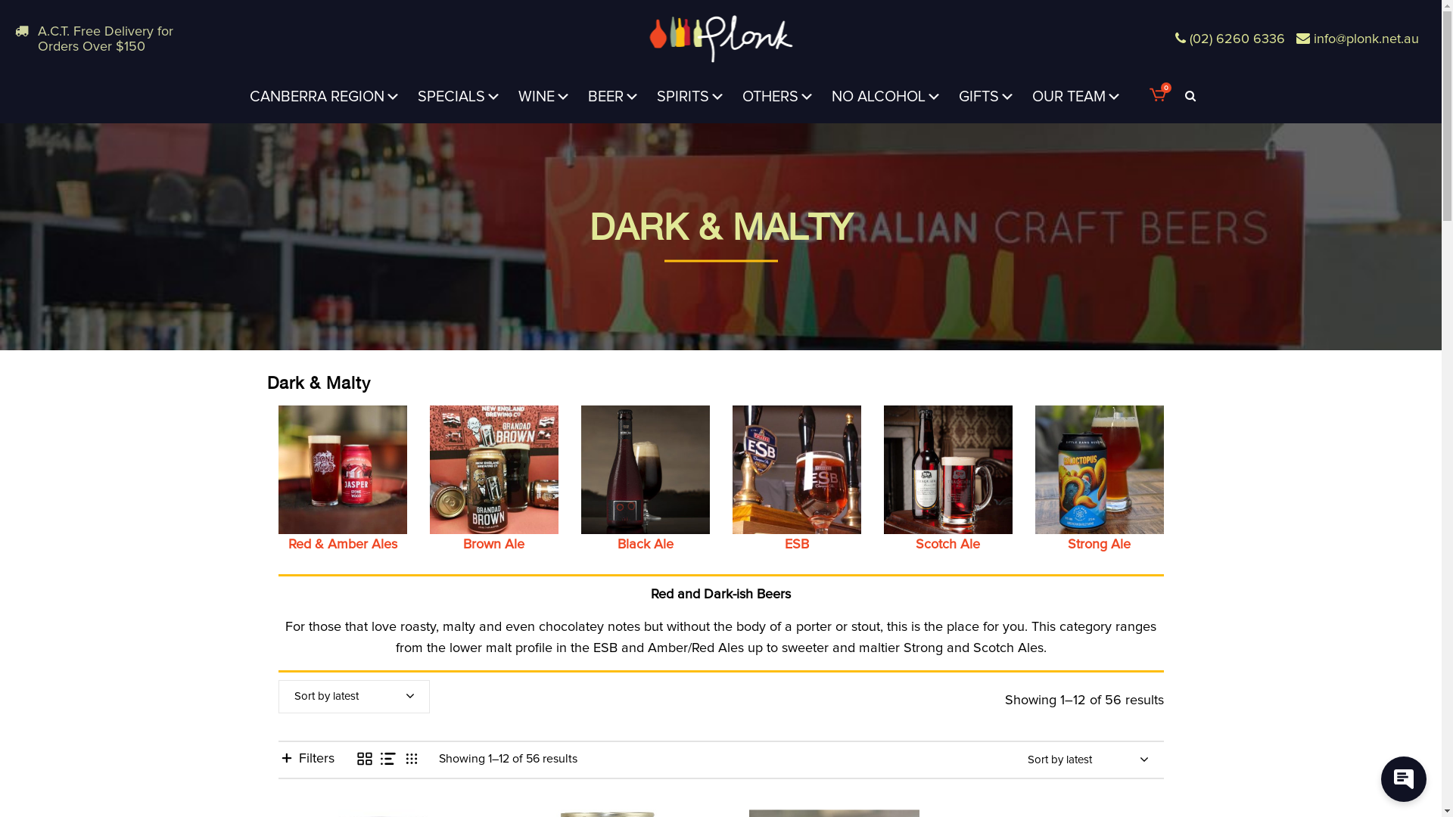 Image resolution: width=1453 pixels, height=817 pixels. I want to click on 'Brown Ale', so click(493, 478).